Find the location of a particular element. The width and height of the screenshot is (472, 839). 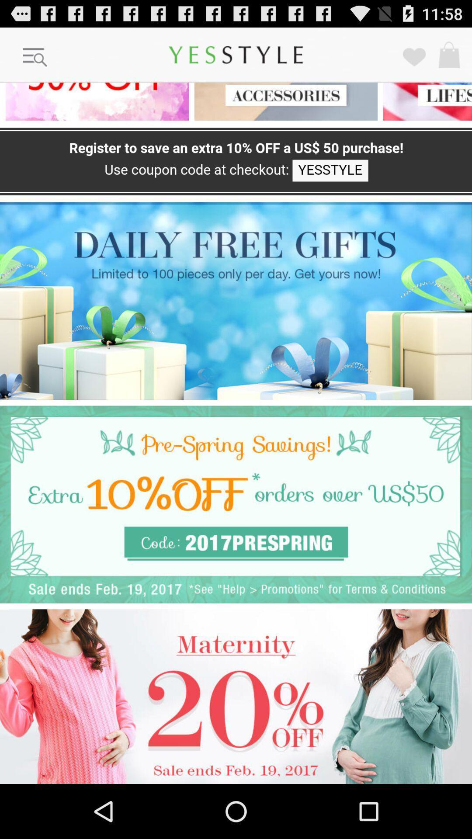

advertisement is located at coordinates (236, 504).